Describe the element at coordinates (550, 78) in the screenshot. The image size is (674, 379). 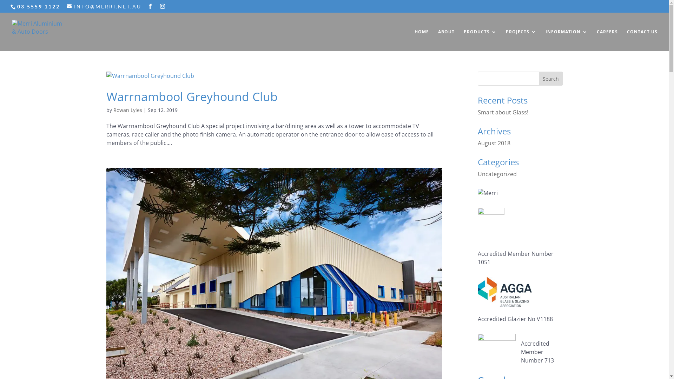
I see `'Search'` at that location.